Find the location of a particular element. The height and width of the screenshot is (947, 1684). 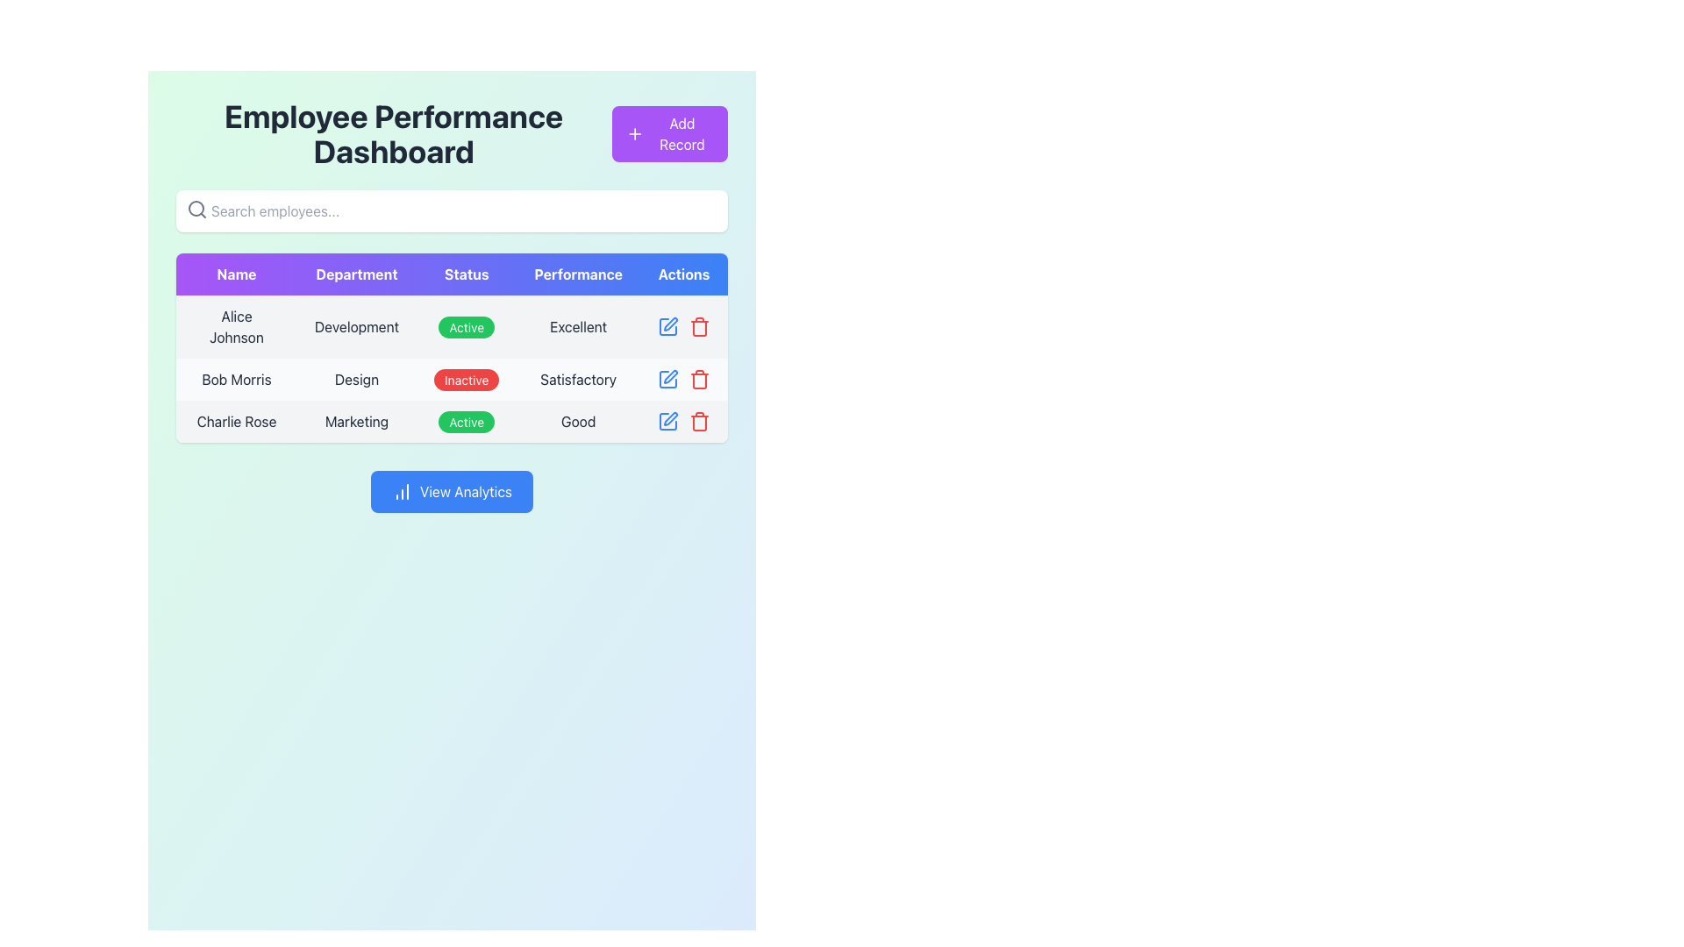

the 'Active' label with a green background and white text, which is the third cell in the row for 'Charlie Rose' in the employee details table is located at coordinates (452, 422).